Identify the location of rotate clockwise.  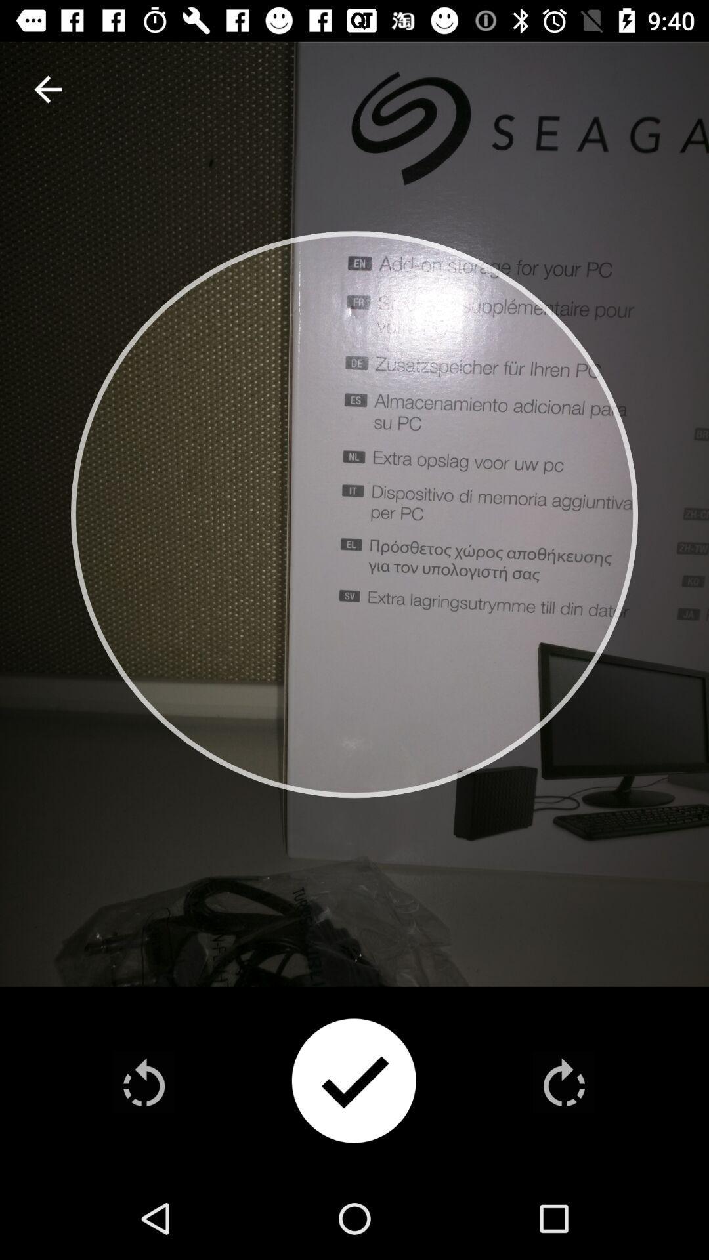
(563, 1082).